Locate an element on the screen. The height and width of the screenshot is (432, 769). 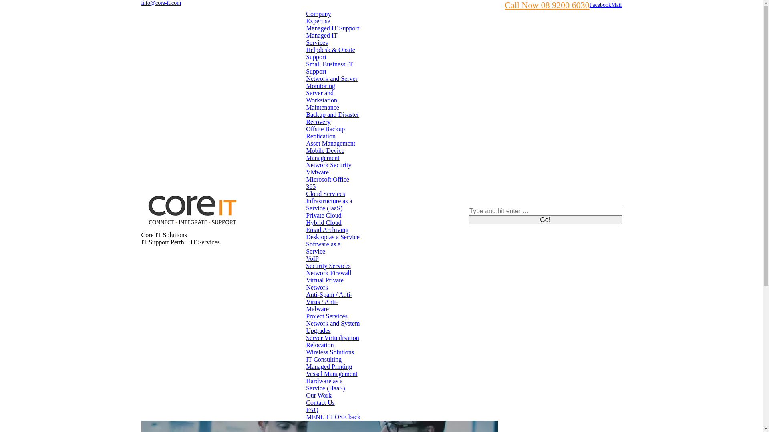
'Network Firewall' is located at coordinates (328, 272).